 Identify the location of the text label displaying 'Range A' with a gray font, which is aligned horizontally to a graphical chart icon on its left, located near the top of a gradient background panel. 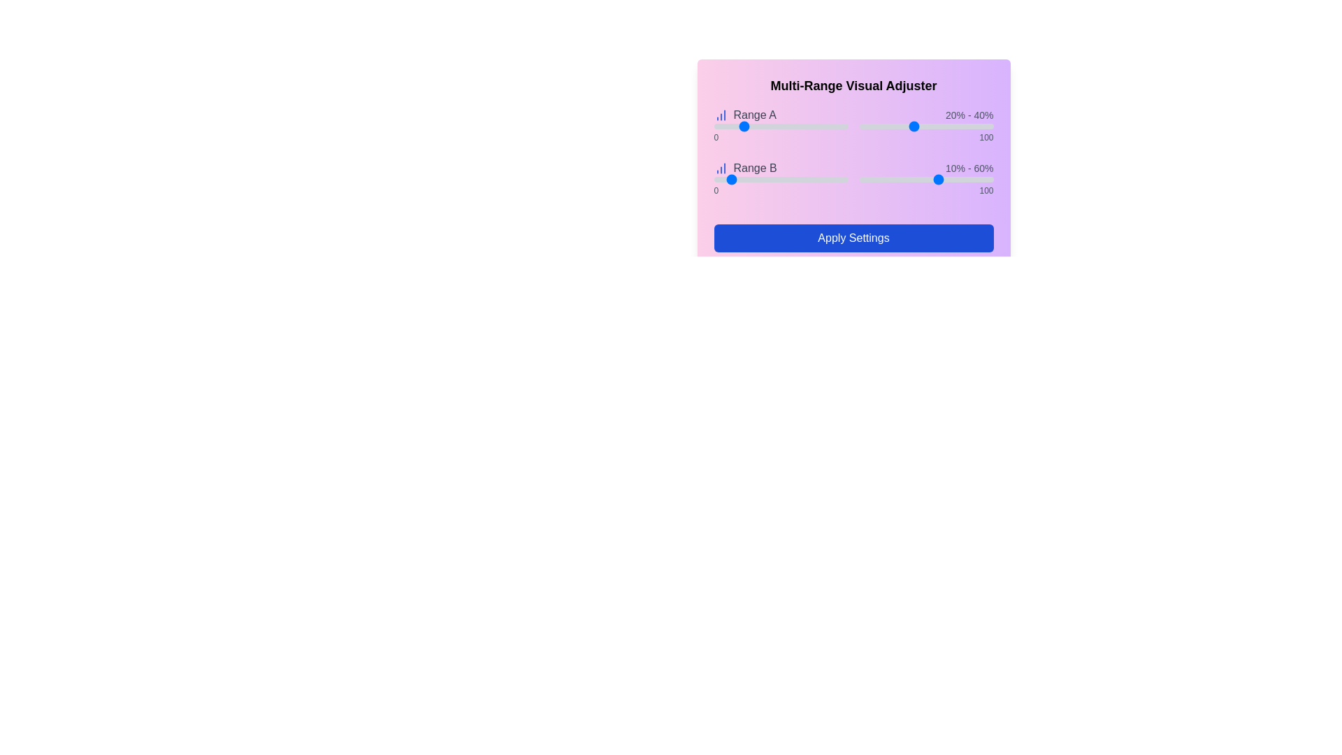
(754, 115).